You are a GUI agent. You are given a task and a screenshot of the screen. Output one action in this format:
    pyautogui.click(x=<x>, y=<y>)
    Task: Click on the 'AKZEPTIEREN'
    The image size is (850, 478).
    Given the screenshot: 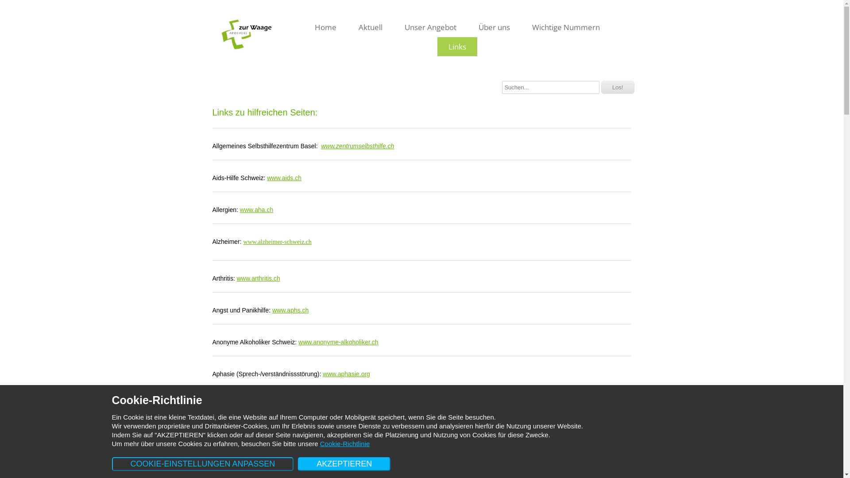 What is the action you would take?
    pyautogui.click(x=297, y=463)
    